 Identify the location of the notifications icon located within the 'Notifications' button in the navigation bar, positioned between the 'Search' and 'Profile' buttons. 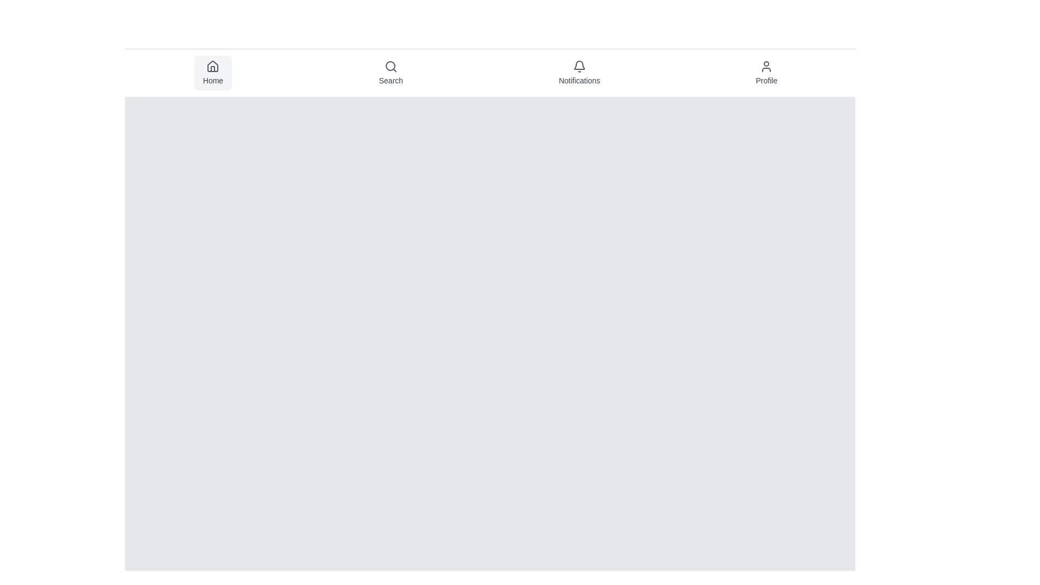
(578, 67).